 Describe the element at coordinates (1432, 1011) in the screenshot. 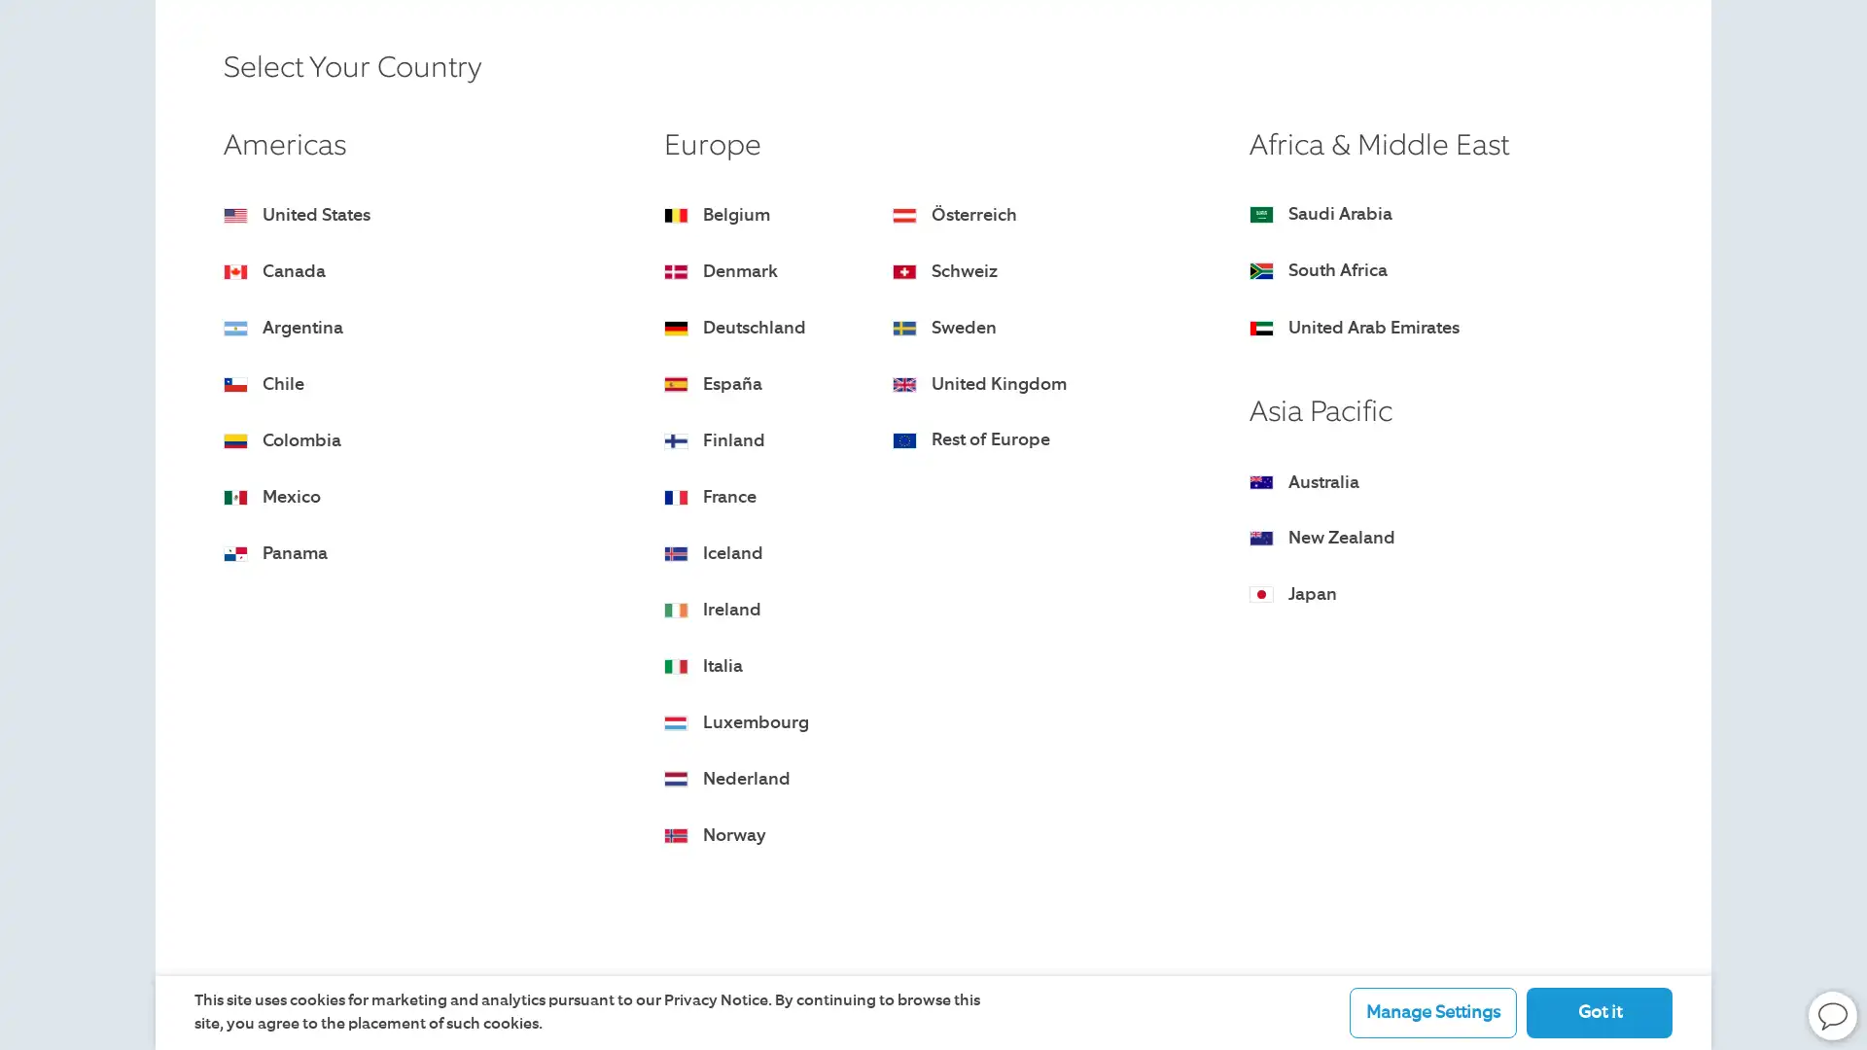

I see `Manage Settings` at that location.